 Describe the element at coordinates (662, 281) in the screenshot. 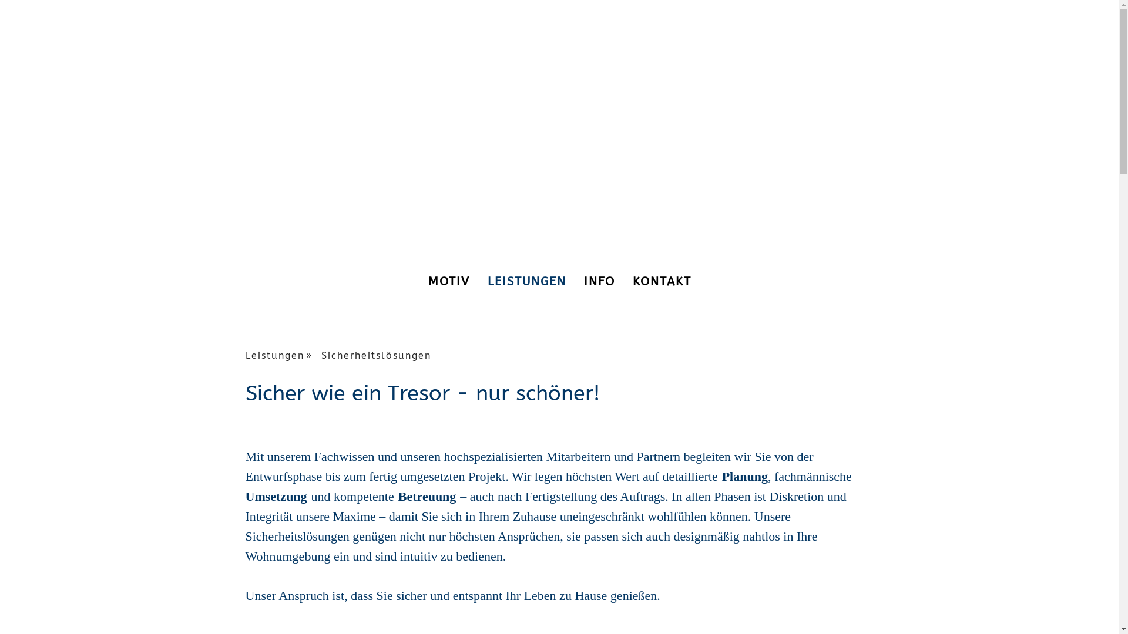

I see `'KONTAKT'` at that location.